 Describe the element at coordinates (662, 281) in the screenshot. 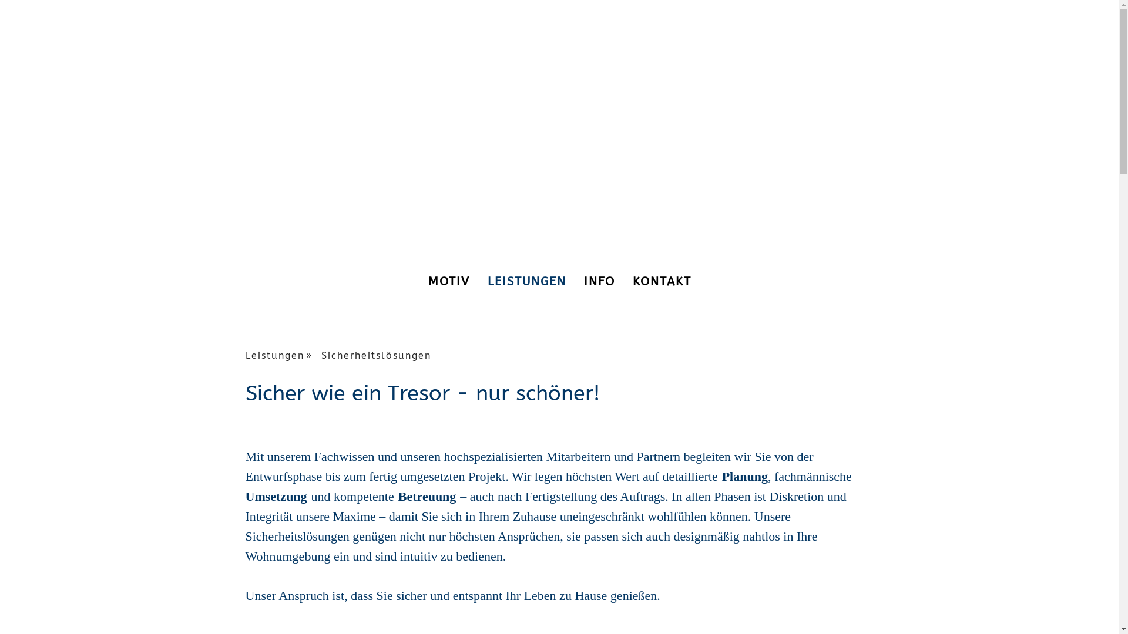

I see `'KONTAKT'` at that location.